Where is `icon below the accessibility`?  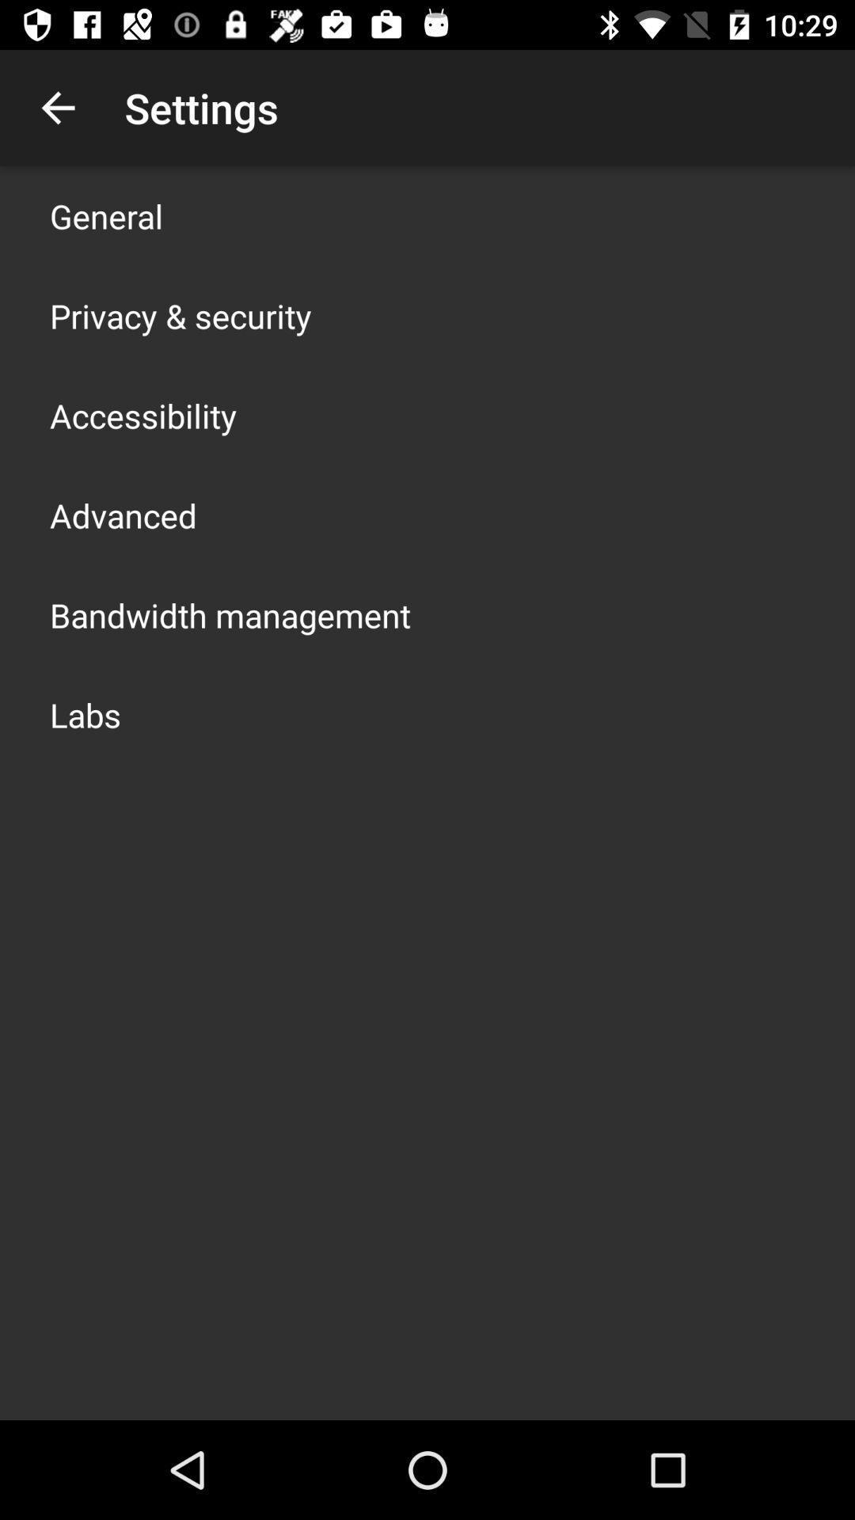 icon below the accessibility is located at coordinates (122, 515).